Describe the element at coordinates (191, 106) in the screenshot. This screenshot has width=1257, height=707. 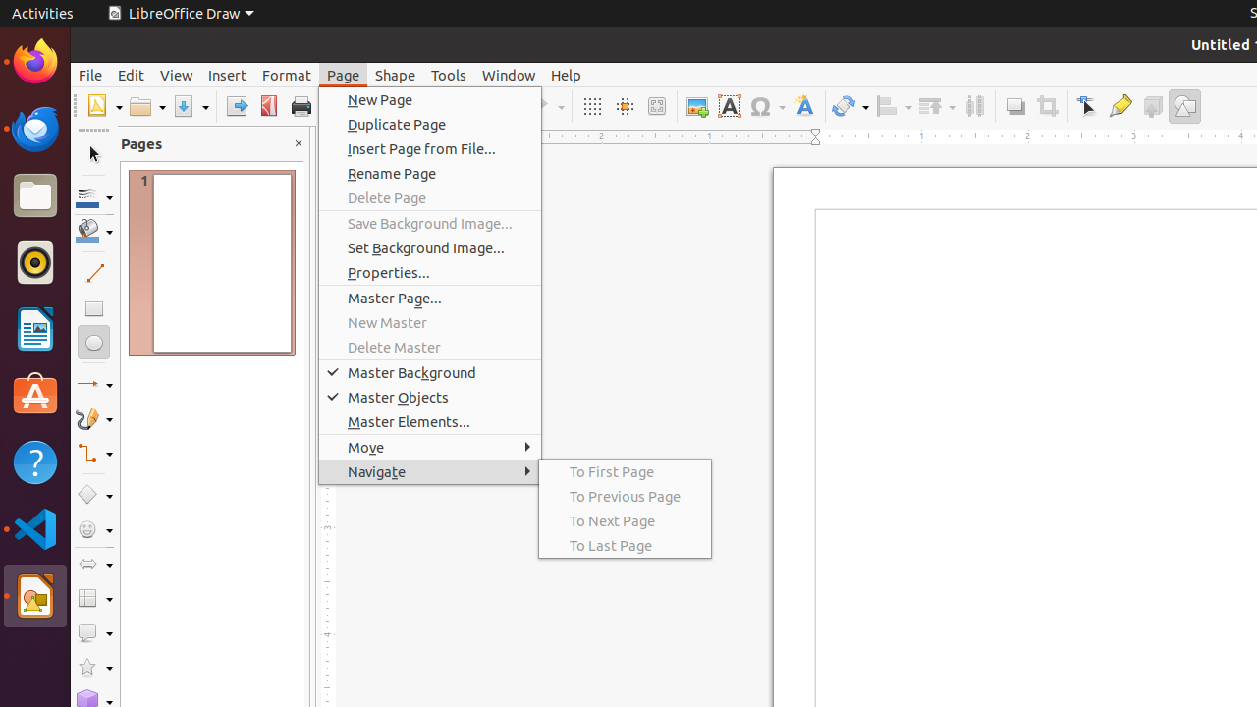
I see `'Save'` at that location.